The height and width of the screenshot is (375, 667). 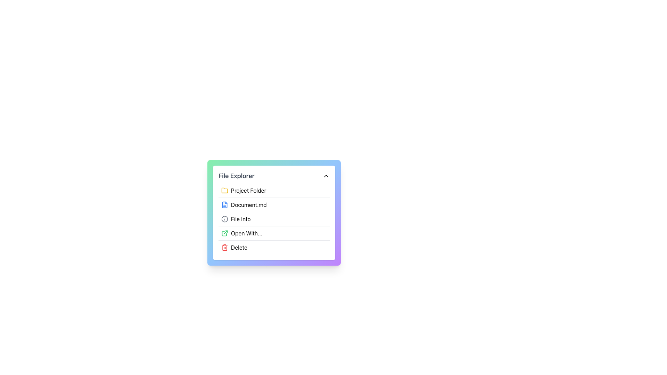 What do you see at coordinates (225, 205) in the screenshot?
I see `the file icon with a blue outline located immediately to the left of the 'Document.md' text label in the file explorer` at bounding box center [225, 205].